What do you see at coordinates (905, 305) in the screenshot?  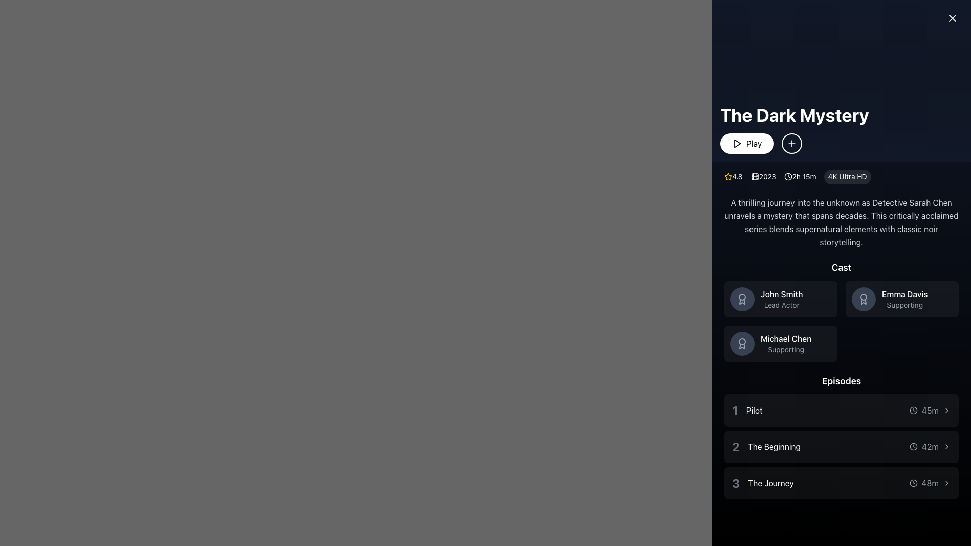 I see `the 'Supporting' text label element, which is styled with a smaller font and gray text color, located beneath 'Emma Davis' in the cast details section` at bounding box center [905, 305].